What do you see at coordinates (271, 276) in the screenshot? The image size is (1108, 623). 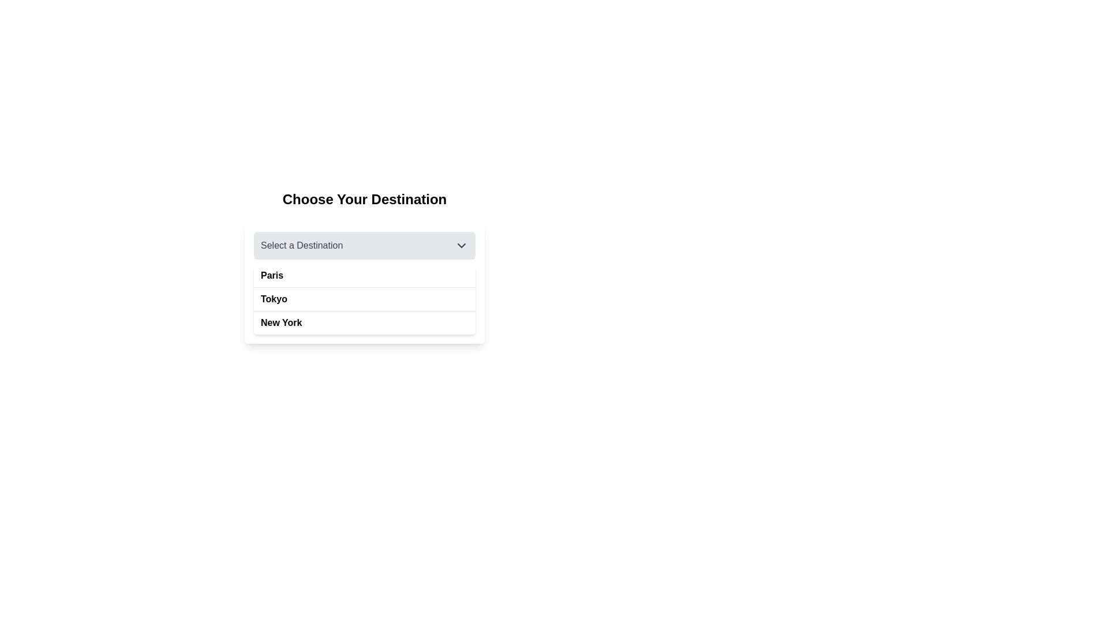 I see `the text label 'Paris' in the dropdown menu` at bounding box center [271, 276].